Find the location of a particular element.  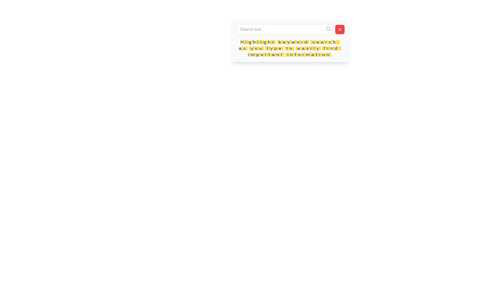

the visual highlight or tag with a yellow background and black text, positioned adjacent to the word 'information.' is located at coordinates (321, 55).